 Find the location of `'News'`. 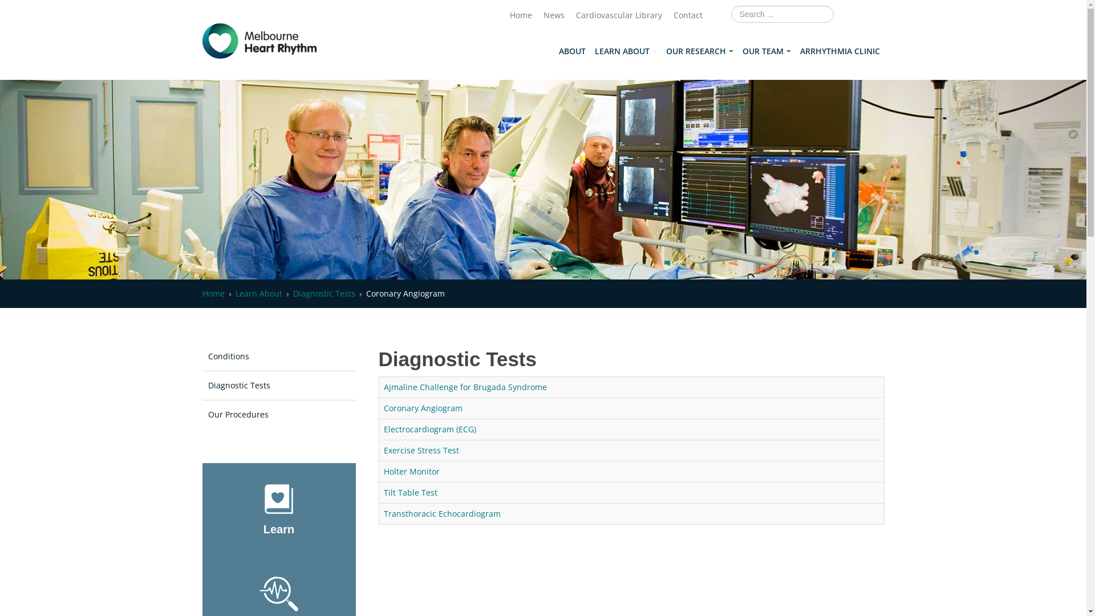

'News' is located at coordinates (542, 15).